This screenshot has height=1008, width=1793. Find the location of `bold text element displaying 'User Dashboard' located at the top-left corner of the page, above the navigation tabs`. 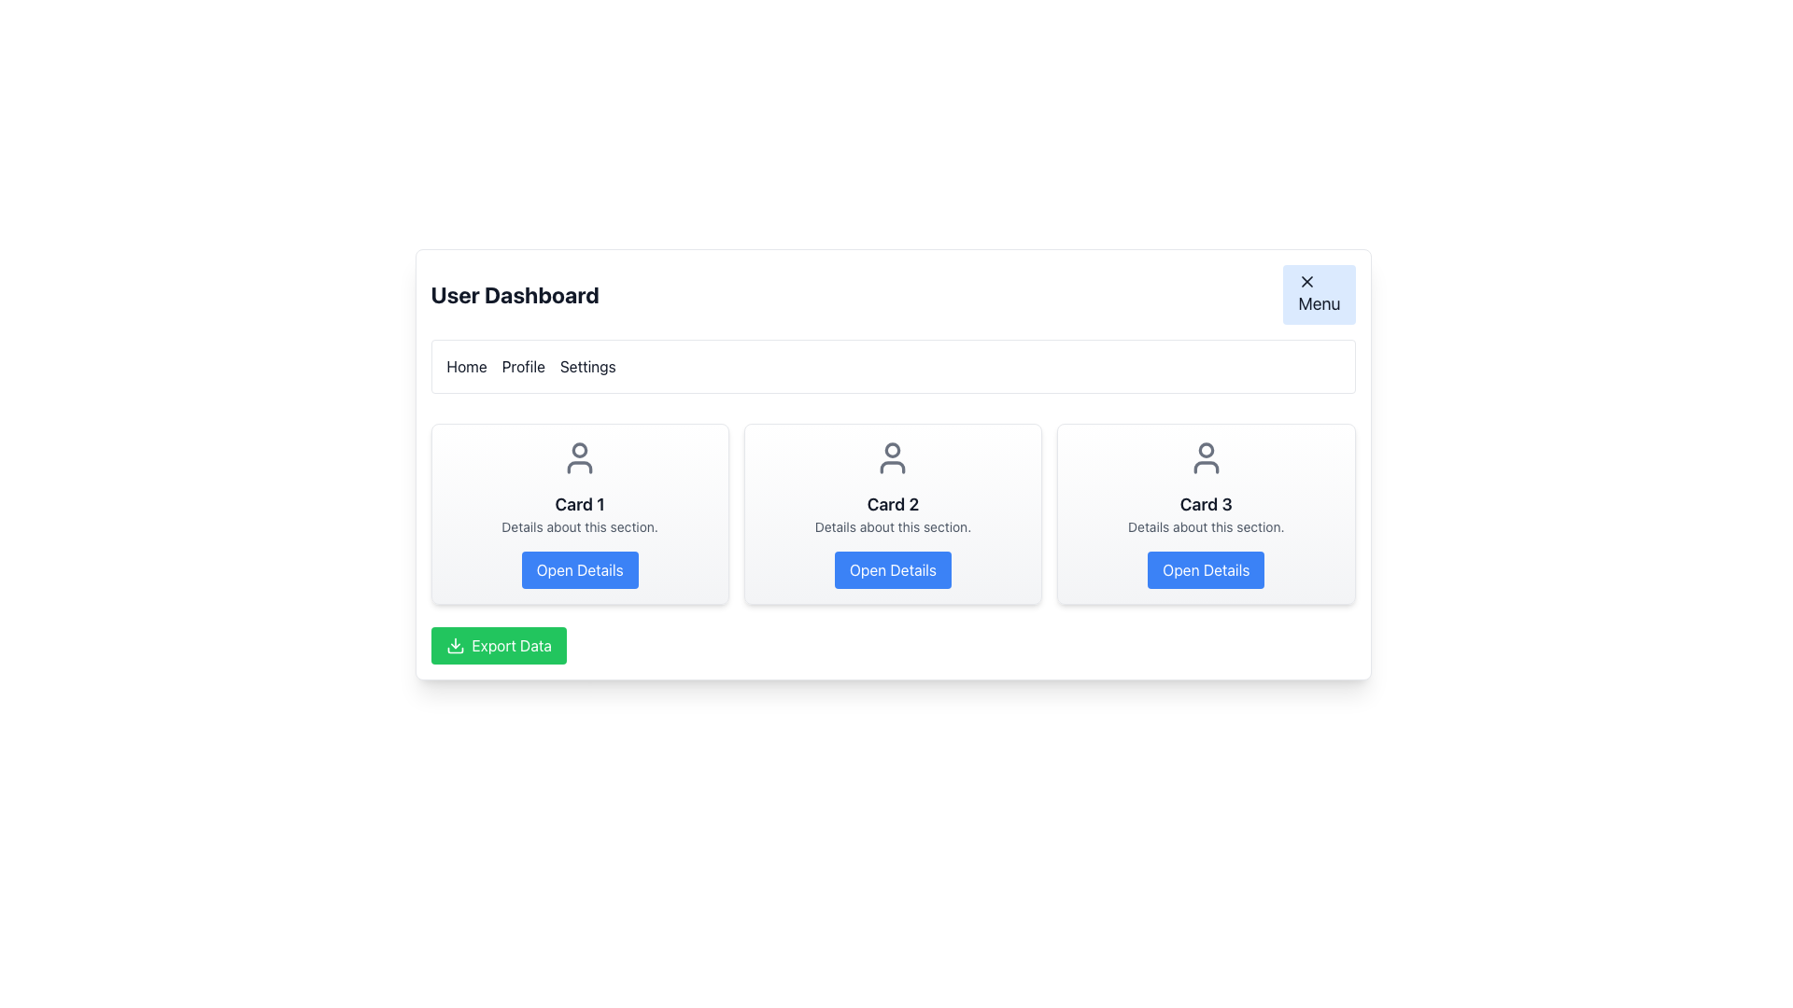

bold text element displaying 'User Dashboard' located at the top-left corner of the page, above the navigation tabs is located at coordinates (515, 294).